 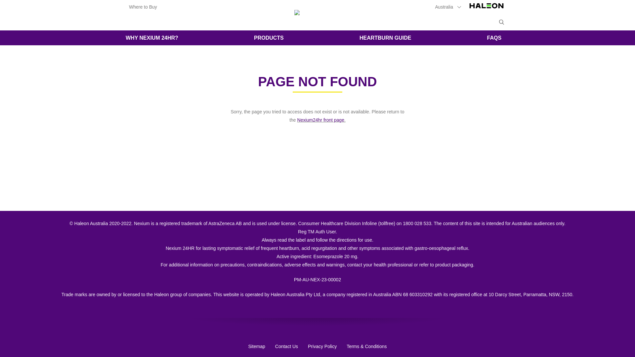 What do you see at coordinates (477, 38) in the screenshot?
I see `'FAQS'` at bounding box center [477, 38].